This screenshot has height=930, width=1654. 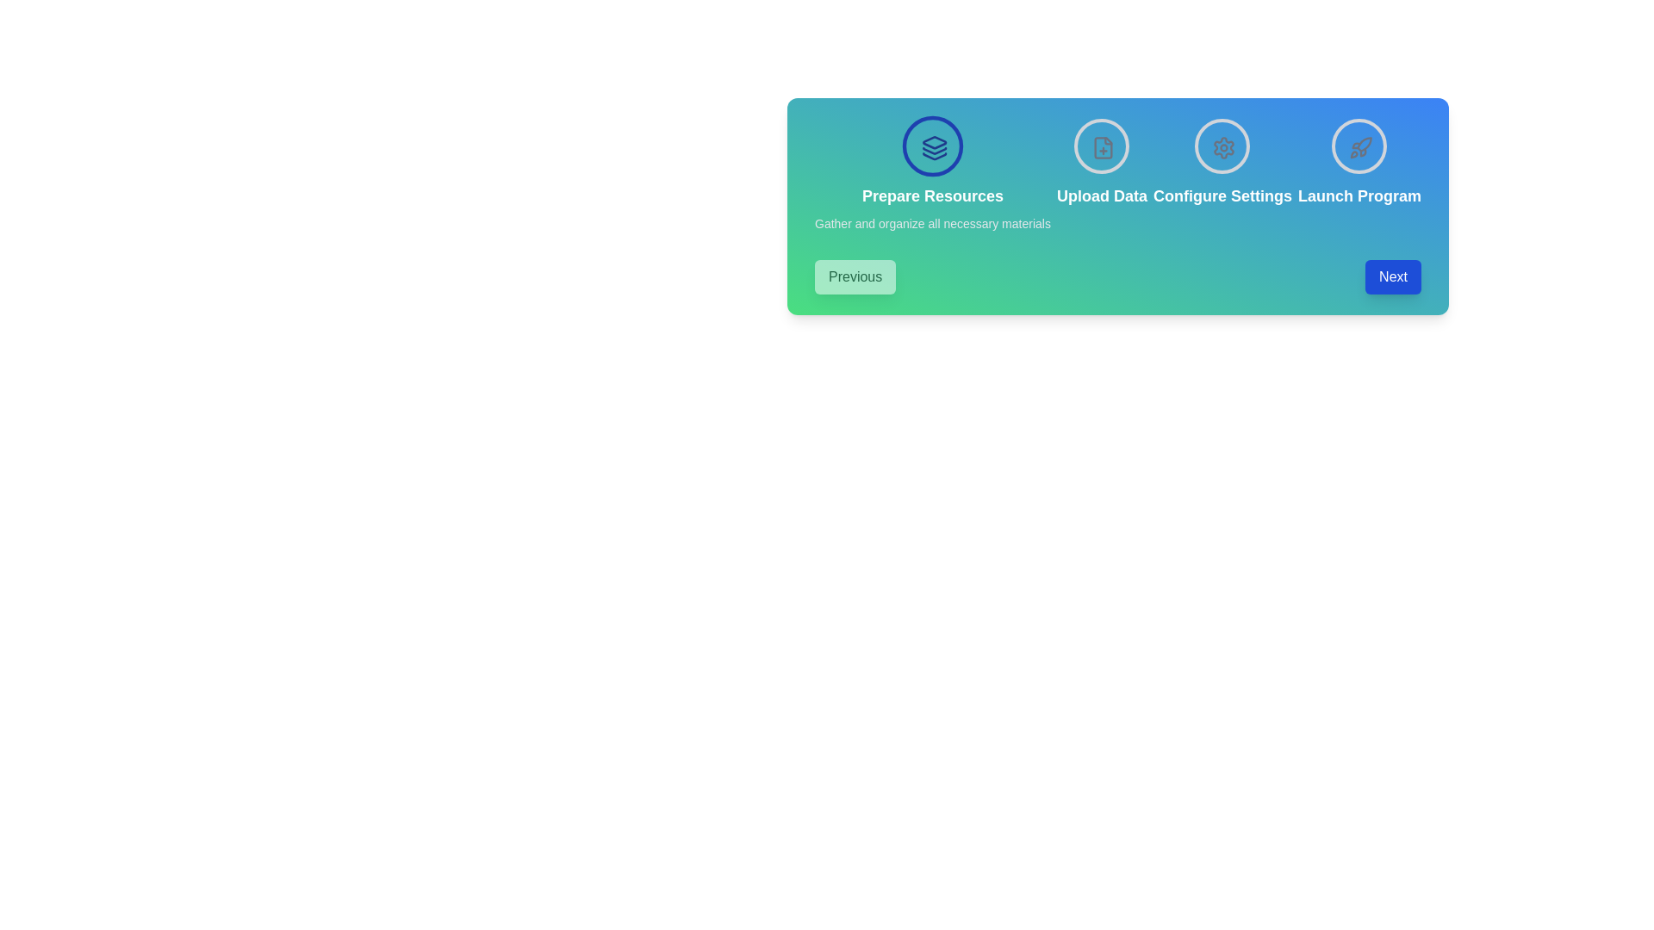 I want to click on 'Next' button to proceed to the next step in the program, so click(x=1393, y=276).